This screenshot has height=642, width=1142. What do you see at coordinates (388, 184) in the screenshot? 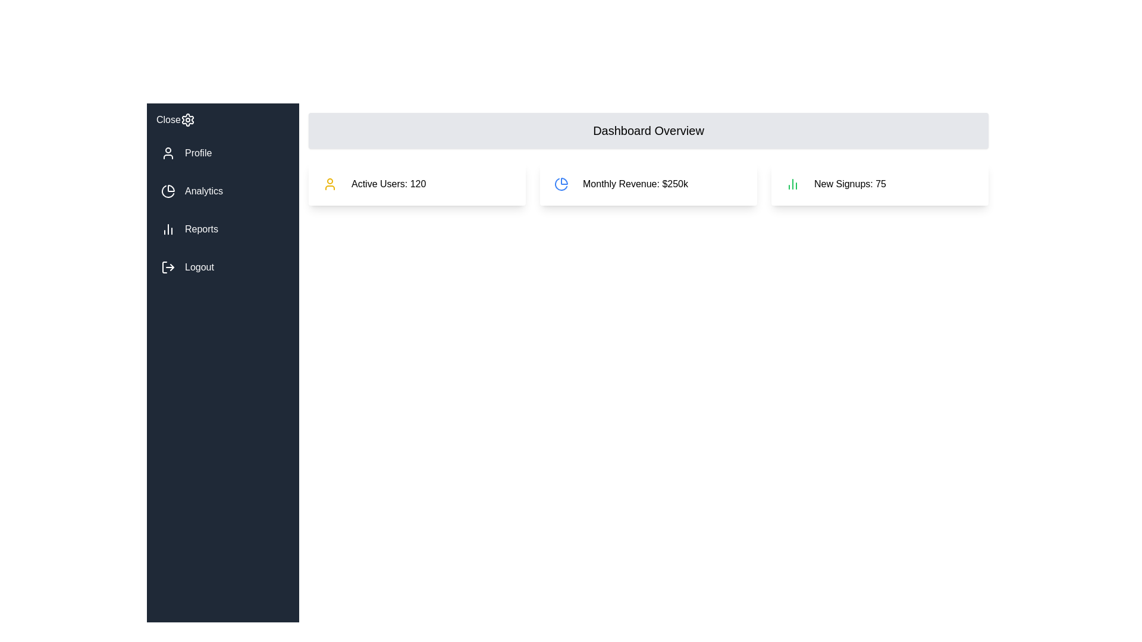
I see `the Text Display element that shows the summary statistic of currently active users, which is '120', located in the leftmost card of three horizontally aligned cards` at bounding box center [388, 184].